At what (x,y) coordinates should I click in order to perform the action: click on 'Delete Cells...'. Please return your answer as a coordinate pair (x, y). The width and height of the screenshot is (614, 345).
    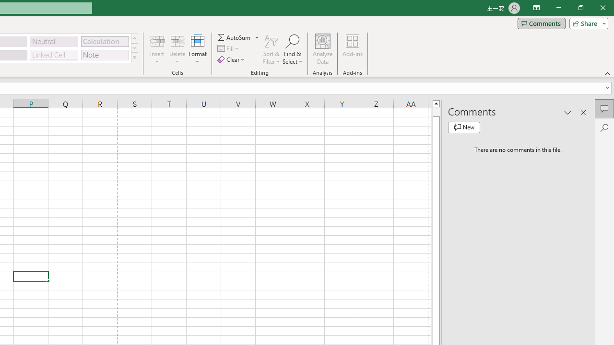
    Looking at the image, I should click on (177, 40).